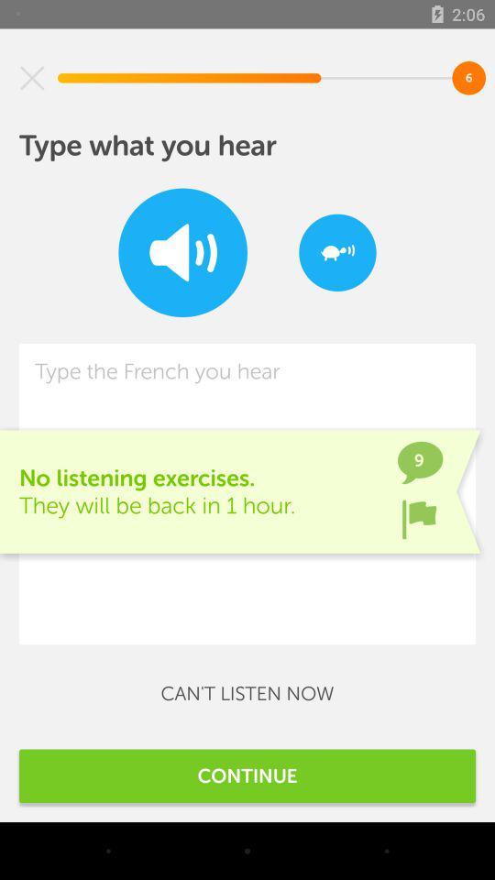 Image resolution: width=495 pixels, height=880 pixels. What do you see at coordinates (247, 692) in the screenshot?
I see `can t listen item` at bounding box center [247, 692].